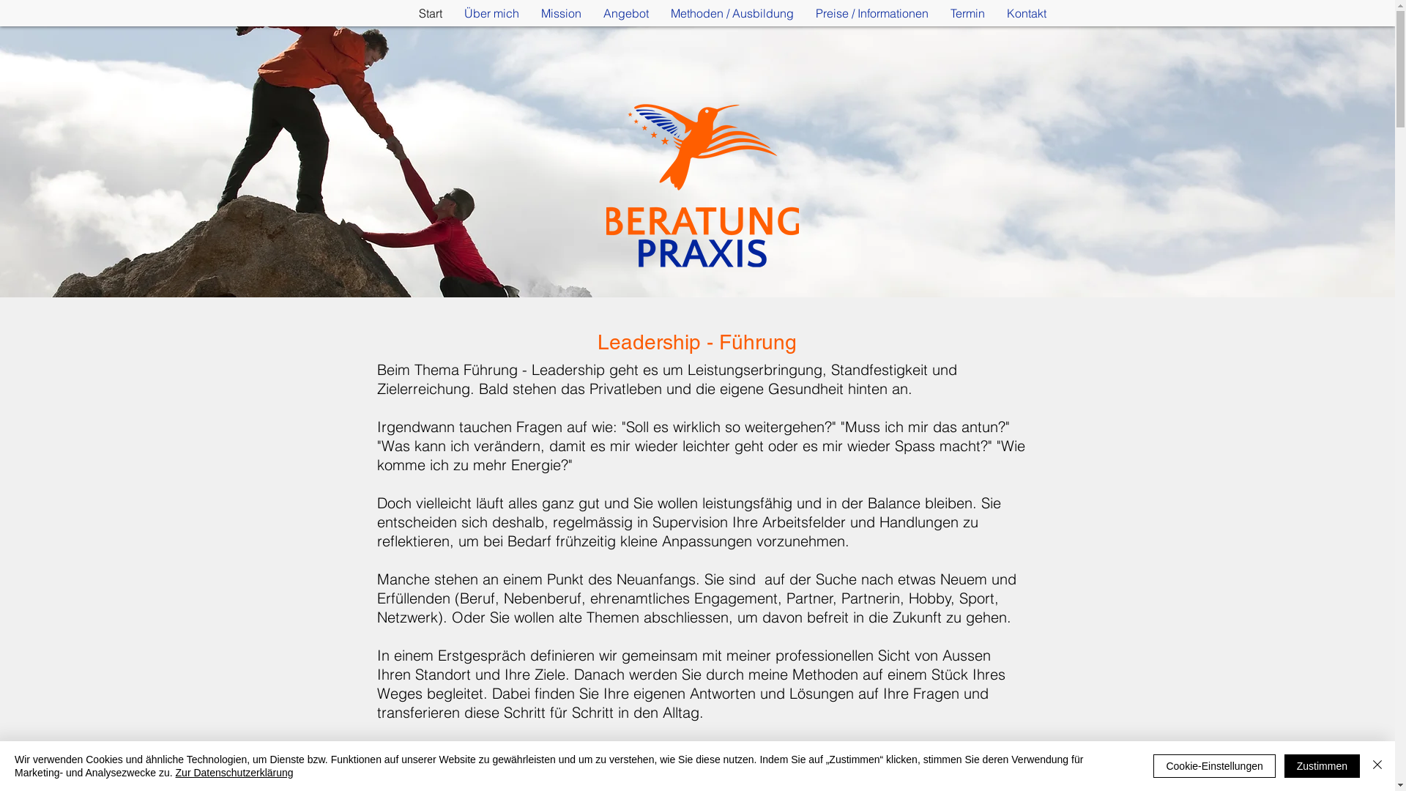 Image resolution: width=1406 pixels, height=791 pixels. I want to click on 'Preise / Informationen', so click(803, 13).